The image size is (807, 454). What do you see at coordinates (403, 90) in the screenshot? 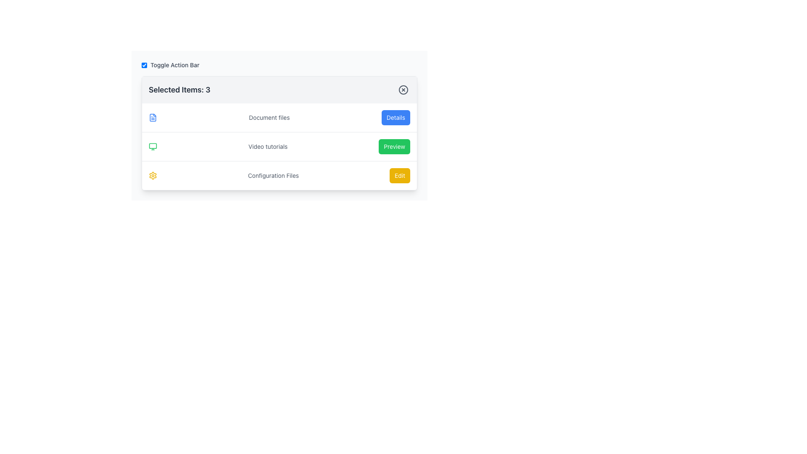
I see `the circular button with an 'X' symbol located at the top-right corner of the 'Selected Items' section in the light gray header bar` at bounding box center [403, 90].